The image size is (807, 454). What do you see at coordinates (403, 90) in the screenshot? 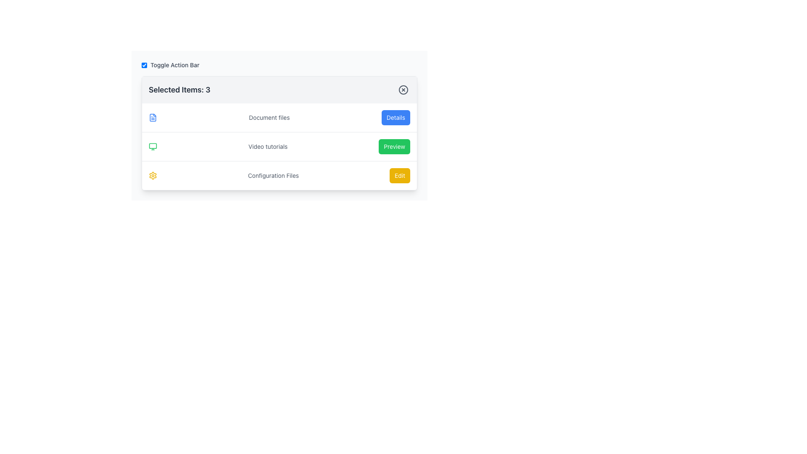
I see `the circular button with an 'X' symbol located at the top-right corner of the 'Selected Items' section in the light gray header bar` at bounding box center [403, 90].